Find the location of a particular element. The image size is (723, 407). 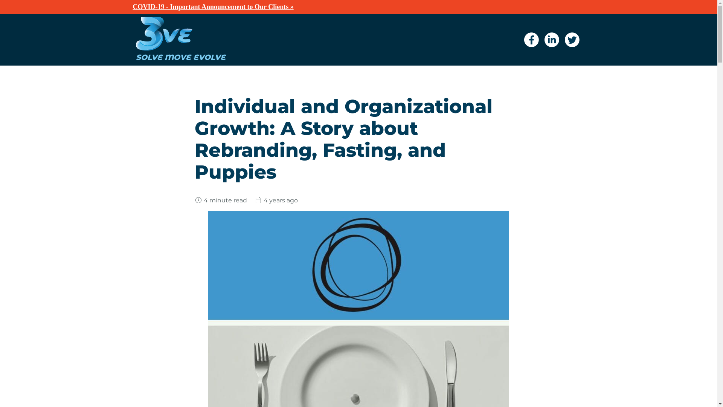

'SOLVE MOVE EVOLVE' is located at coordinates (136, 53).